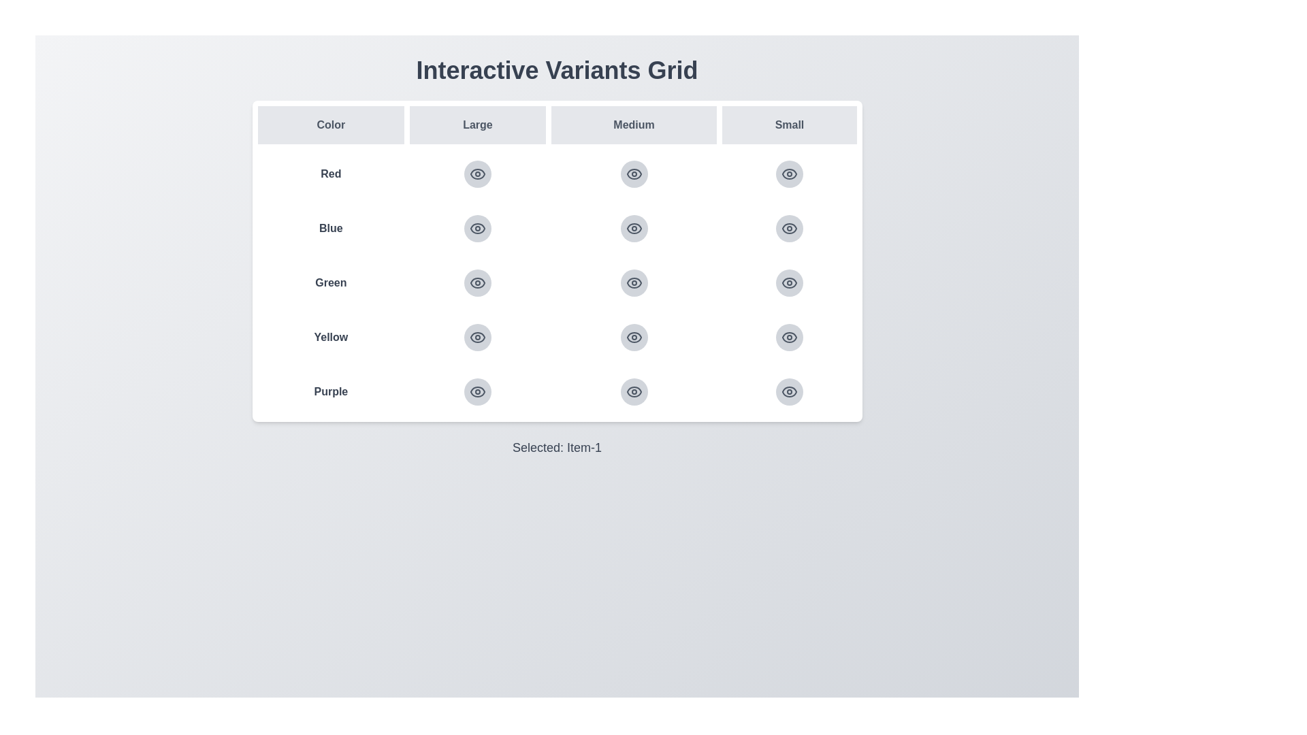 The height and width of the screenshot is (735, 1307). Describe the element at coordinates (788, 173) in the screenshot. I see `the circular icon button with an eye-shaped icon located in the fifth column of the first row under the 'Interactive Variants Grid'` at that location.